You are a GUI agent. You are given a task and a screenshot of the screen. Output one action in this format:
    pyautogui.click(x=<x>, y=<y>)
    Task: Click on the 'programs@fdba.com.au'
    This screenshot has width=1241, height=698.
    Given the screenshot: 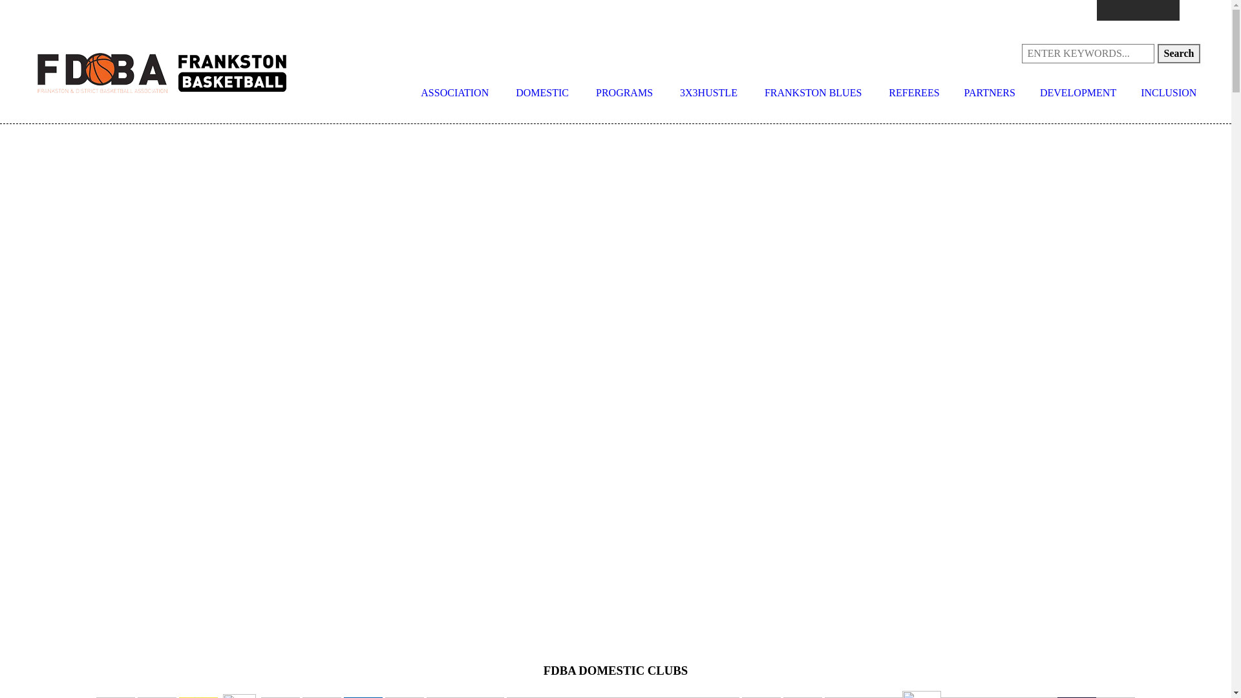 What is the action you would take?
    pyautogui.click(x=406, y=10)
    